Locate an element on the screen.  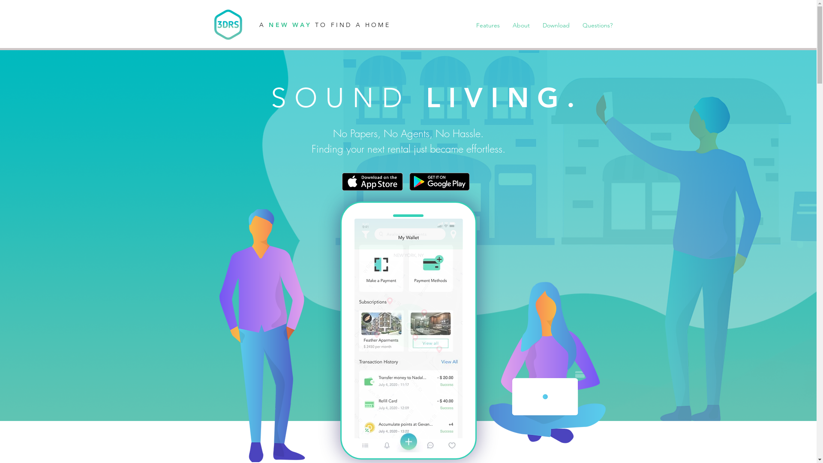
'Download' is located at coordinates (556, 24).